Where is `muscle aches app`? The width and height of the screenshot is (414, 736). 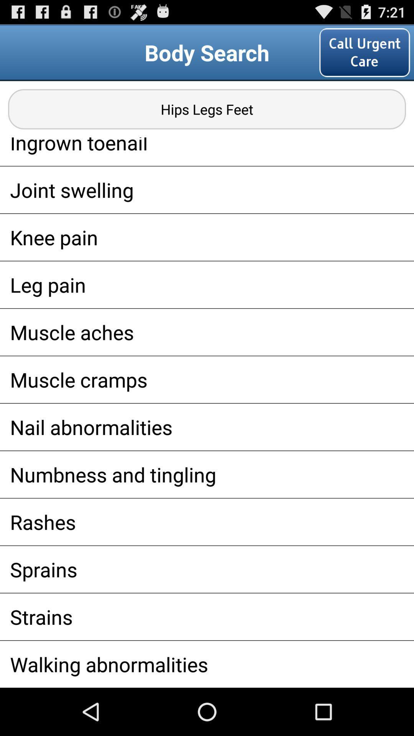 muscle aches app is located at coordinates (207, 332).